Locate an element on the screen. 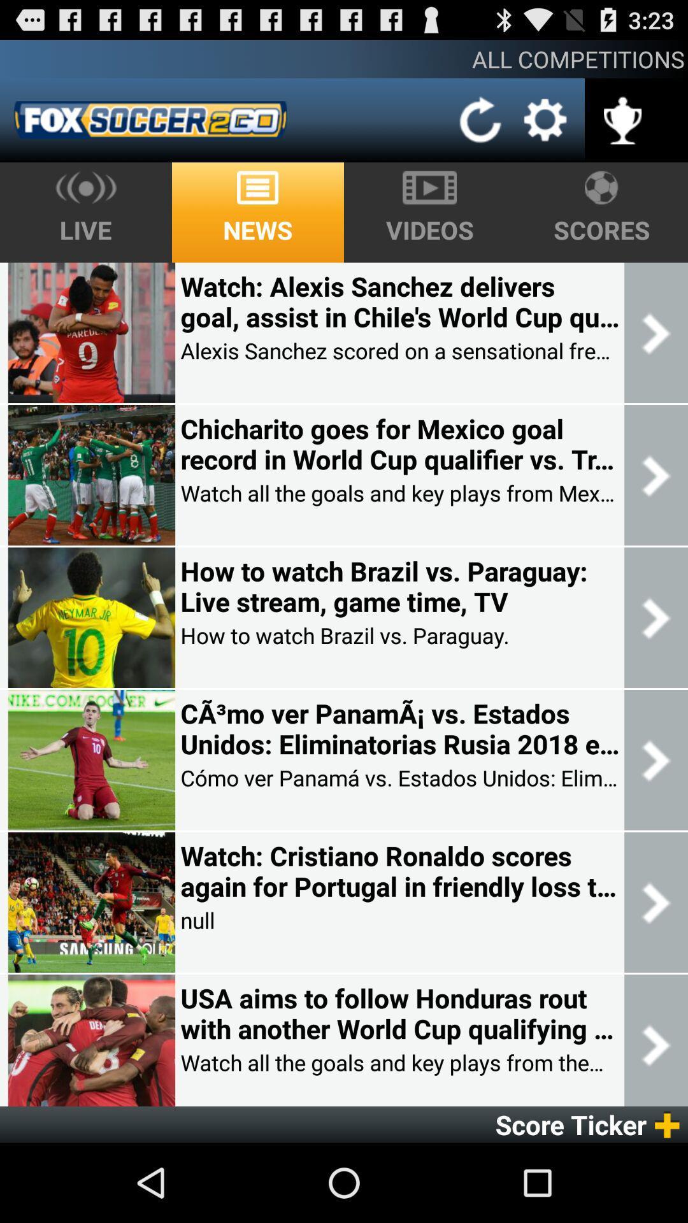  the settings icon is located at coordinates (545, 128).